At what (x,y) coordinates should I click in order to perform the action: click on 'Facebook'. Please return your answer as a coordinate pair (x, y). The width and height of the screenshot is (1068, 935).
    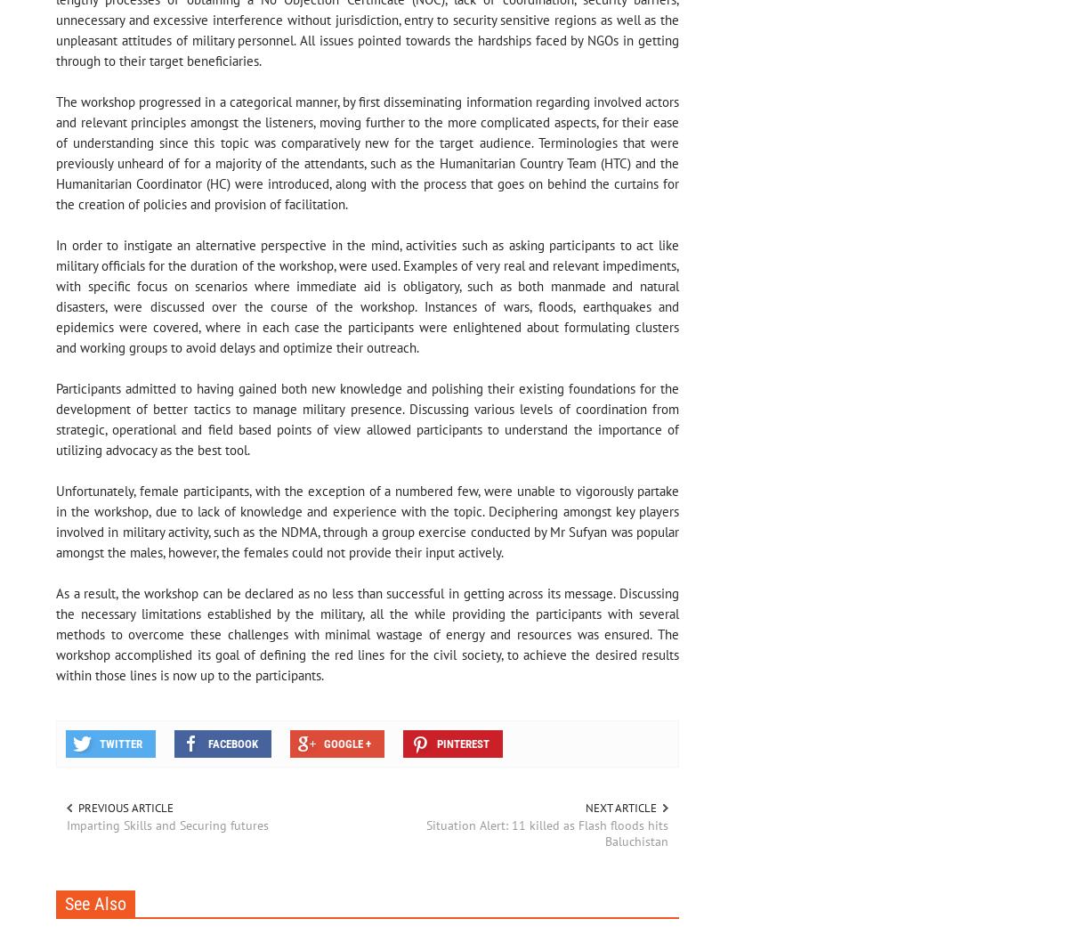
    Looking at the image, I should click on (231, 743).